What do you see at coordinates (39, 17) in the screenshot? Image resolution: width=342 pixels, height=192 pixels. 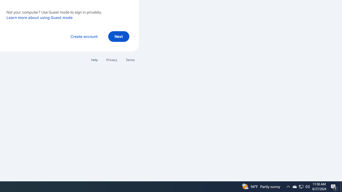 I see `'Learn more about using Guest mode'` at bounding box center [39, 17].